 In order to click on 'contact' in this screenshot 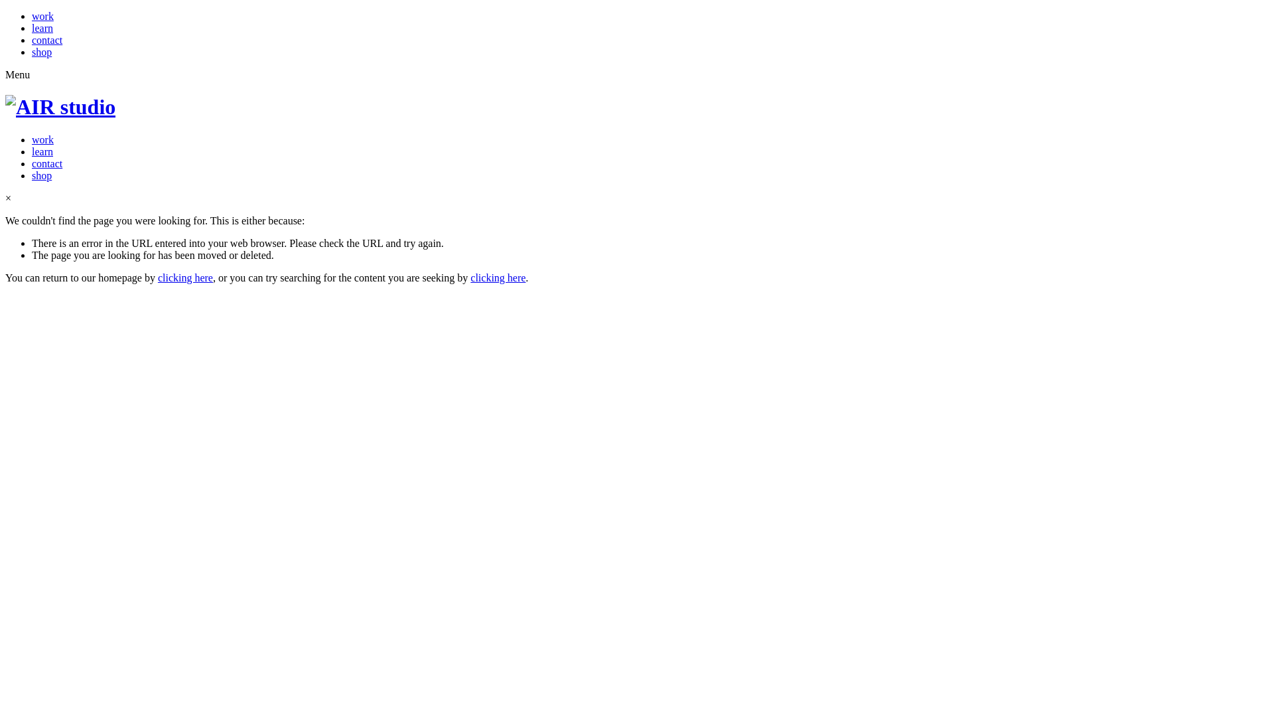, I will do `click(47, 39)`.